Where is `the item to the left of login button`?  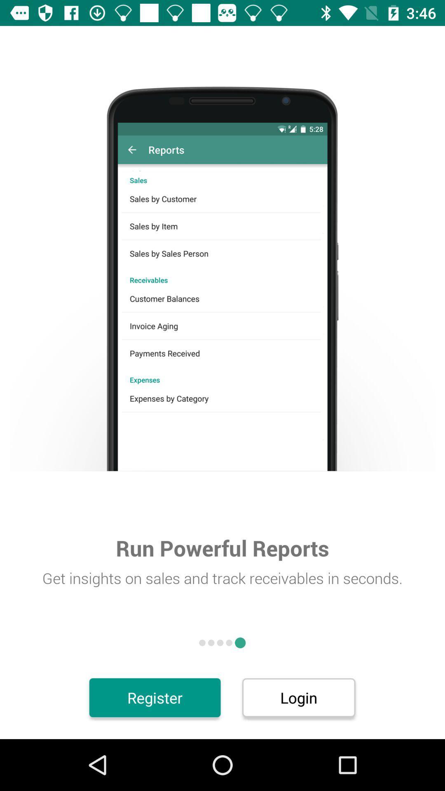 the item to the left of login button is located at coordinates (155, 697).